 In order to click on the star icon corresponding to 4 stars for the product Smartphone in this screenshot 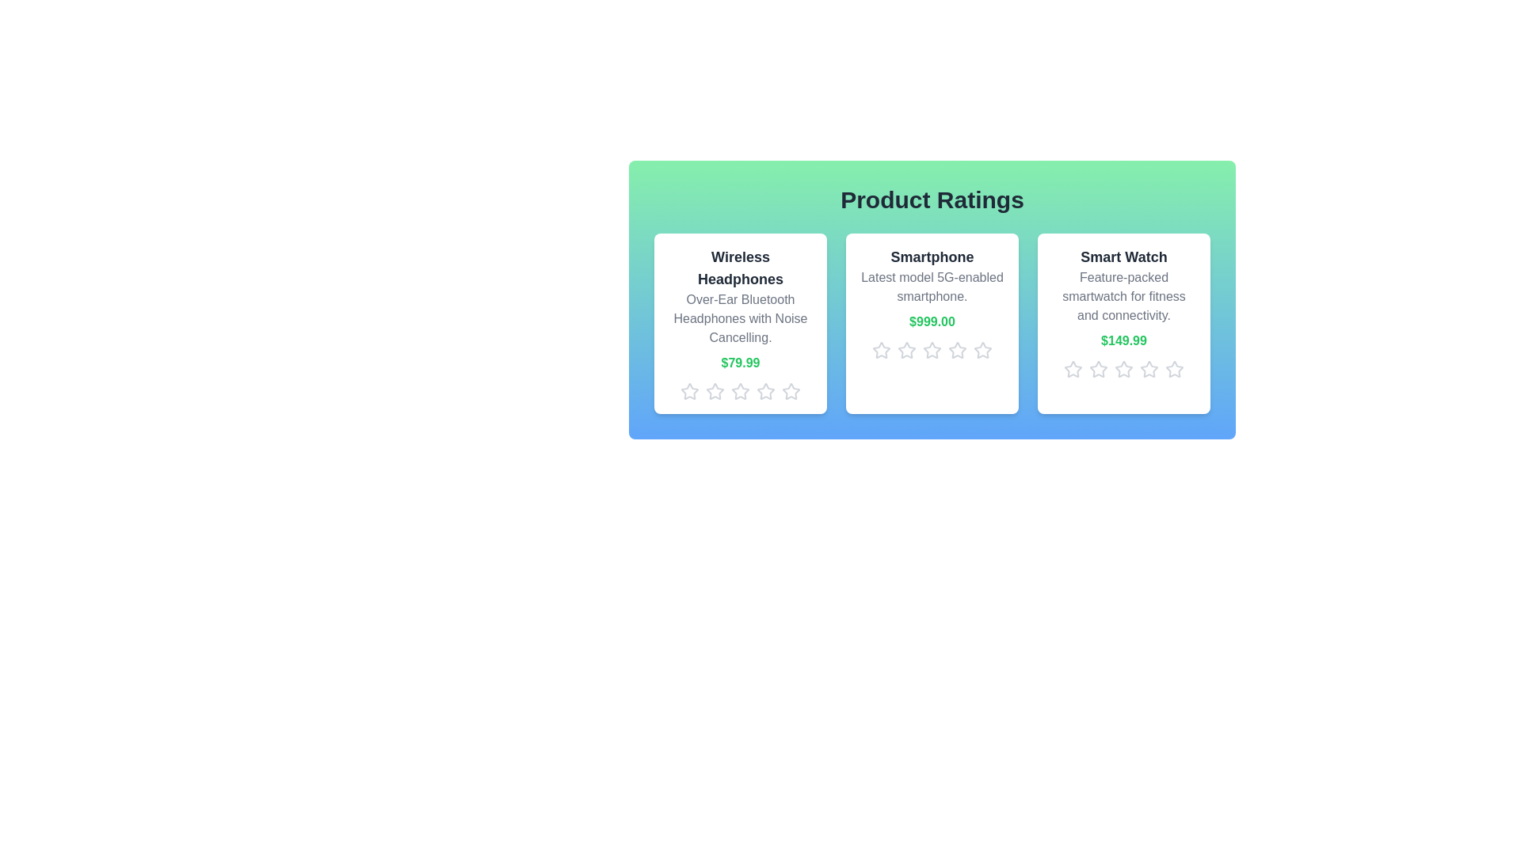, I will do `click(957, 350)`.